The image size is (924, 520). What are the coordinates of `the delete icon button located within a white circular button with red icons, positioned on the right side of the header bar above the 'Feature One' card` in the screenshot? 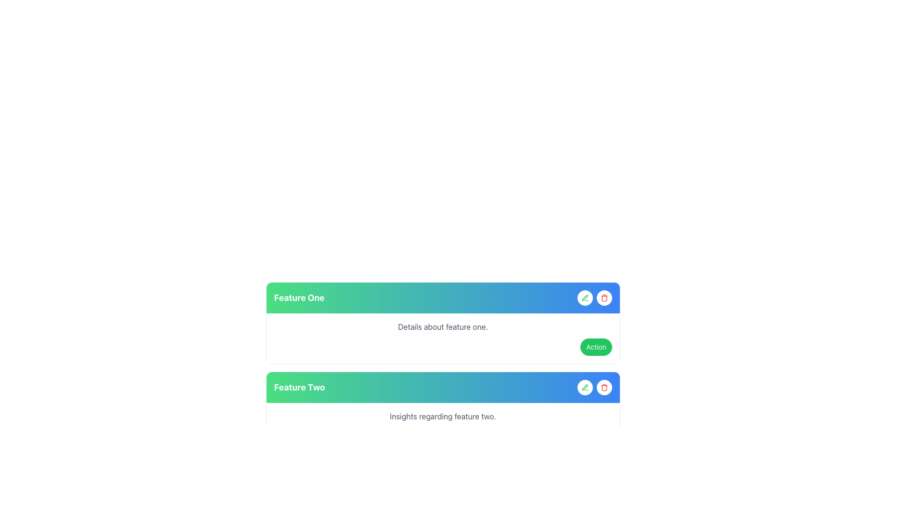 It's located at (603, 297).